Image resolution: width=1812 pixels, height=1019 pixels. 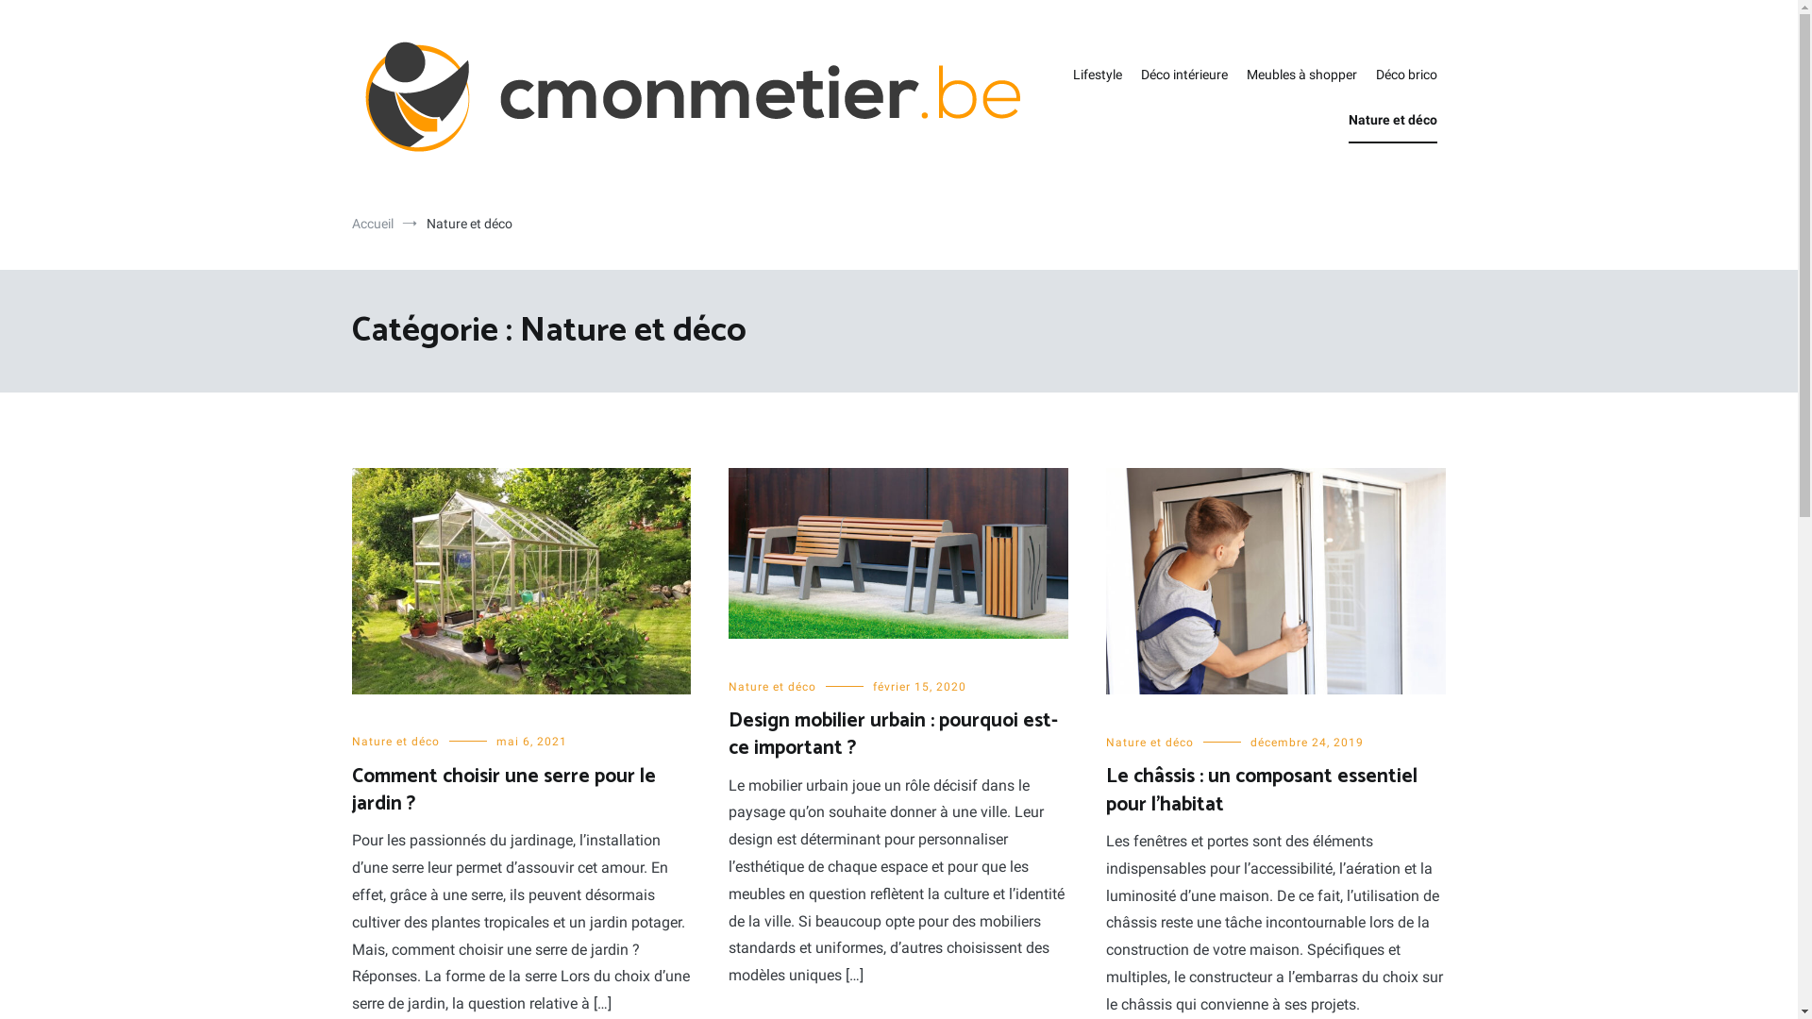 What do you see at coordinates (1072, 75) in the screenshot?
I see `'Lifestyle'` at bounding box center [1072, 75].